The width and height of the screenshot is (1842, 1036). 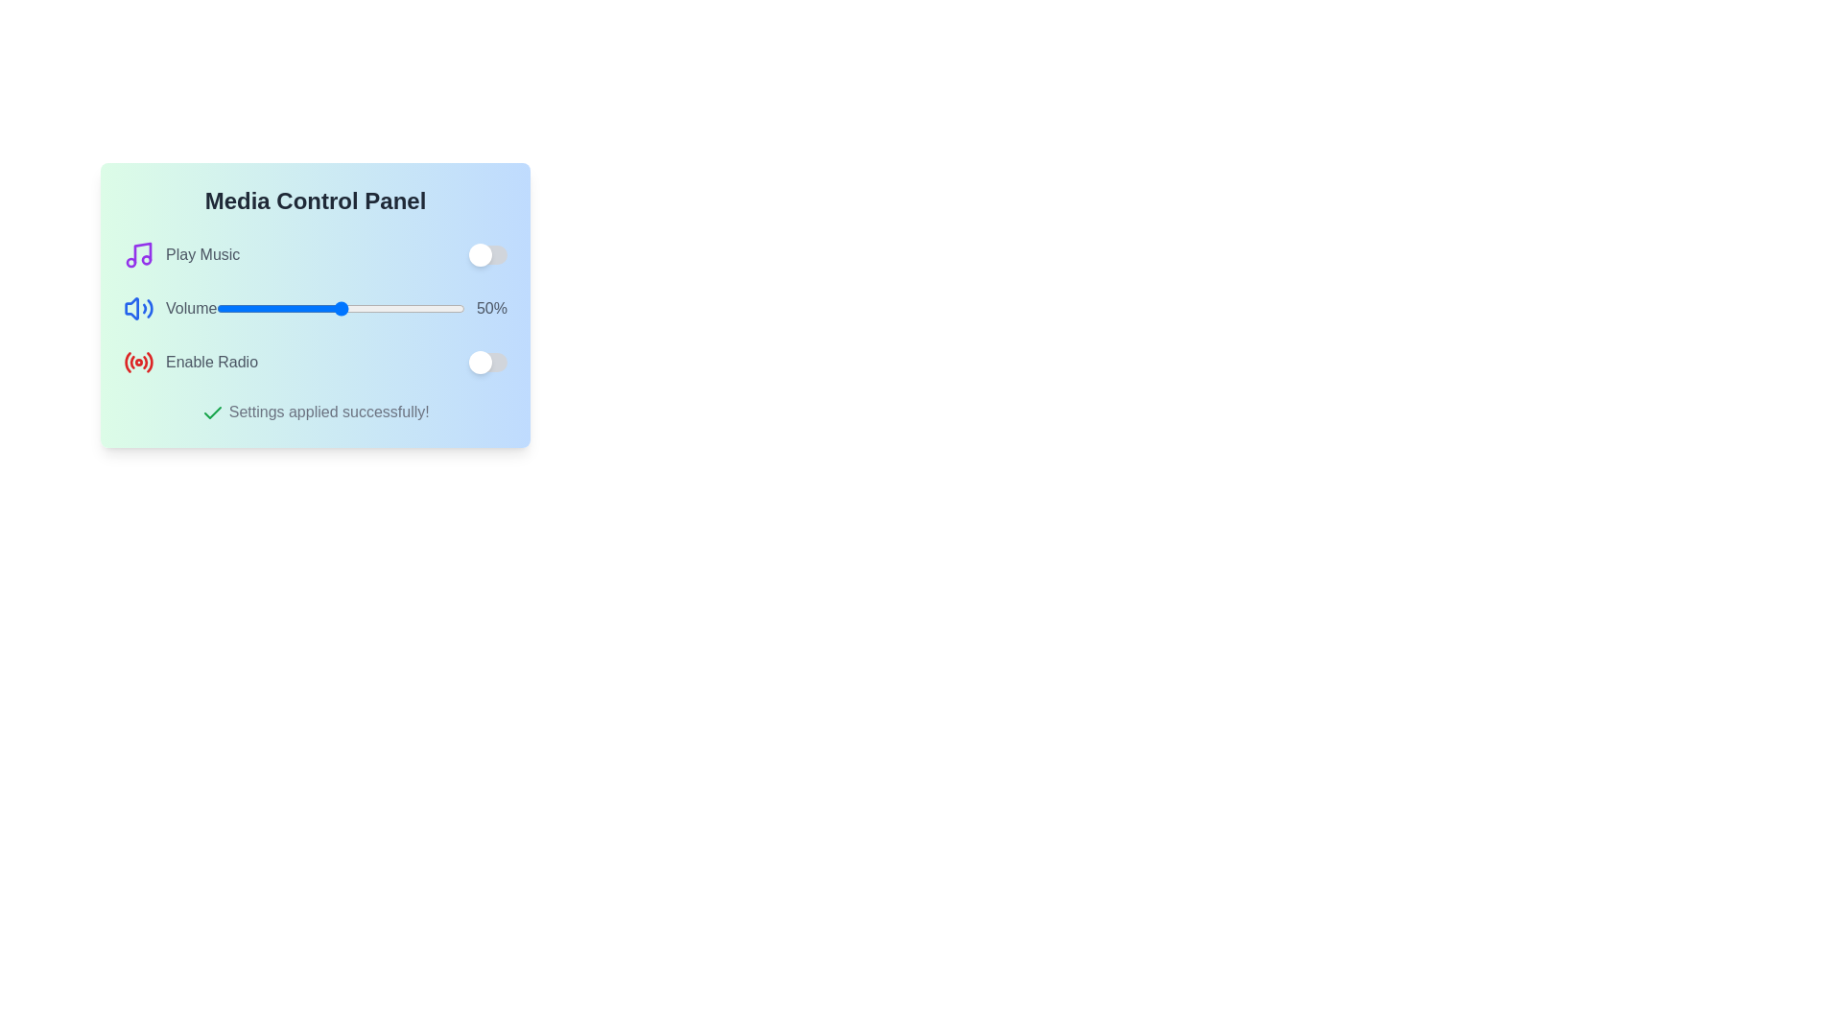 What do you see at coordinates (211, 363) in the screenshot?
I see `the static text label displaying 'Enable Radio', which is styled in gray and positioned below the 'Volume' label and slider, adjacent to a red radio wave icon on the left and a toggle switch on the right` at bounding box center [211, 363].